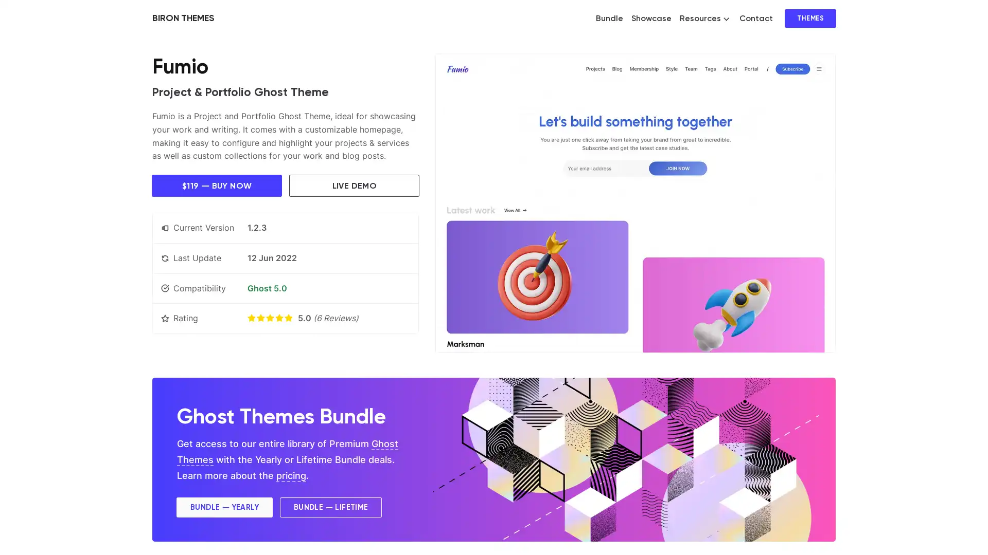 The image size is (988, 555). What do you see at coordinates (704, 18) in the screenshot?
I see `Resources` at bounding box center [704, 18].